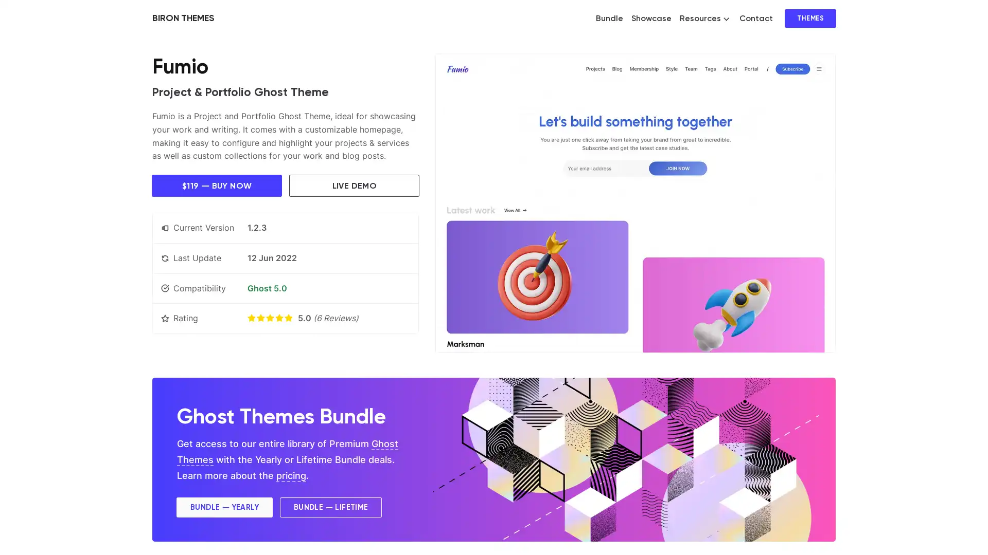 The image size is (988, 555). What do you see at coordinates (704, 18) in the screenshot?
I see `Resources` at bounding box center [704, 18].